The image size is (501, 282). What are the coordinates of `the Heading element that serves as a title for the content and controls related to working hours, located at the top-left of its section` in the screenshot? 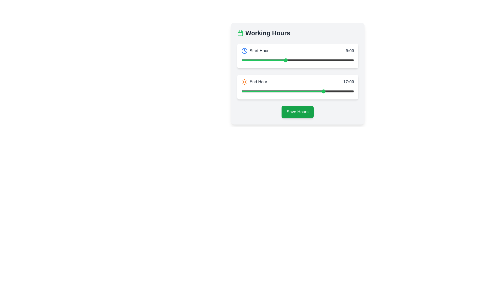 It's located at (264, 33).